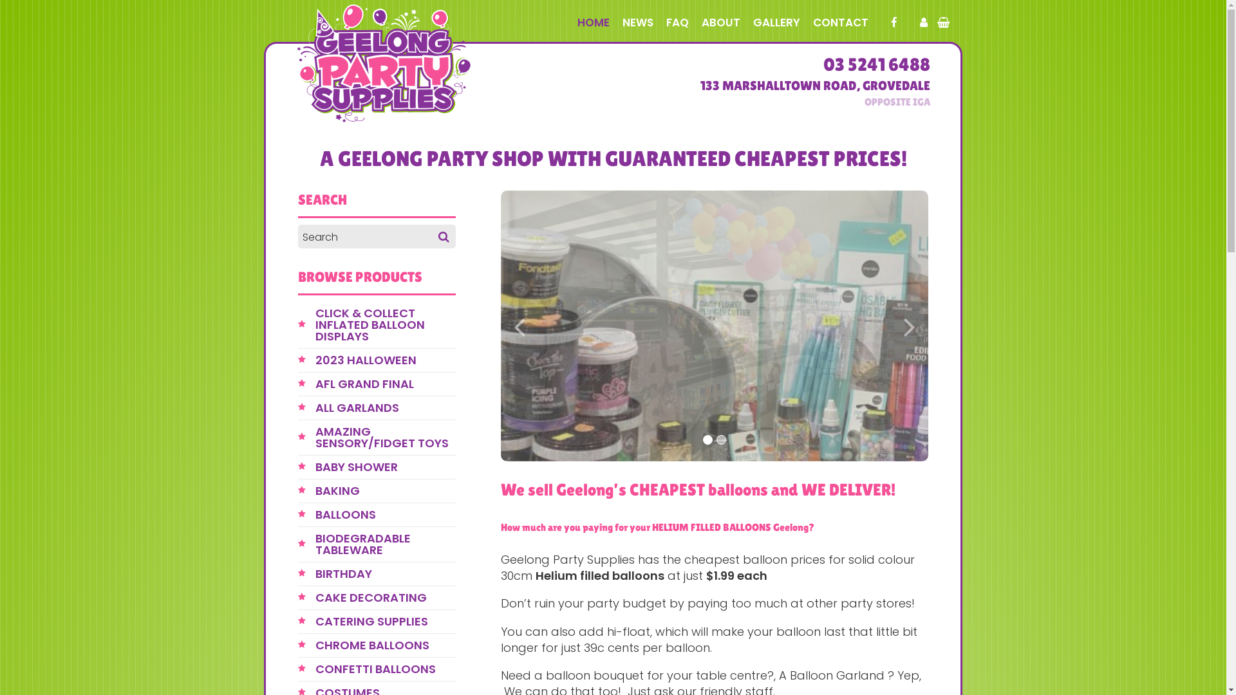 The width and height of the screenshot is (1236, 695). What do you see at coordinates (376, 236) in the screenshot?
I see `'Search for:'` at bounding box center [376, 236].